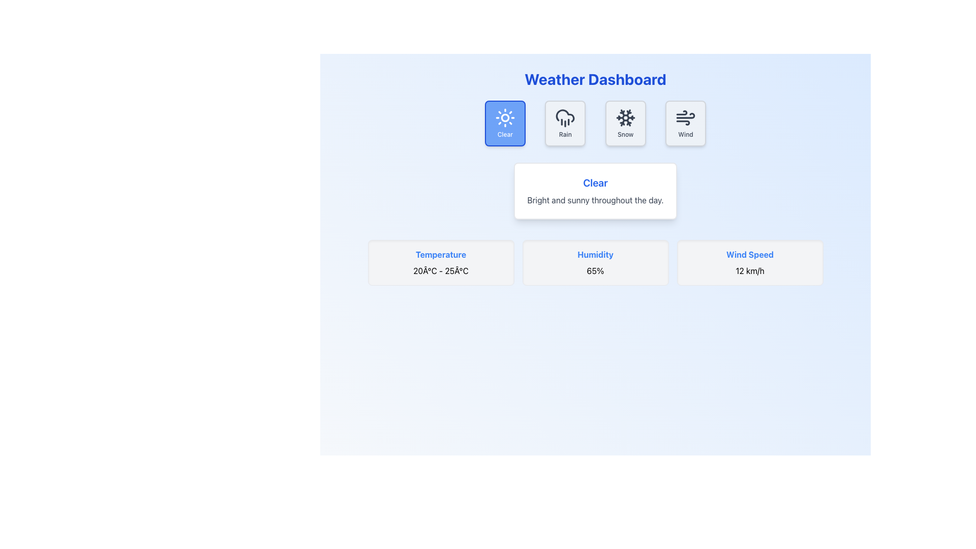 The image size is (976, 549). What do you see at coordinates (595, 254) in the screenshot?
I see `the 'Humidity' label which provides a heading for the humidity value displayed below it, located in the middle card among three horizontally aligned cards` at bounding box center [595, 254].